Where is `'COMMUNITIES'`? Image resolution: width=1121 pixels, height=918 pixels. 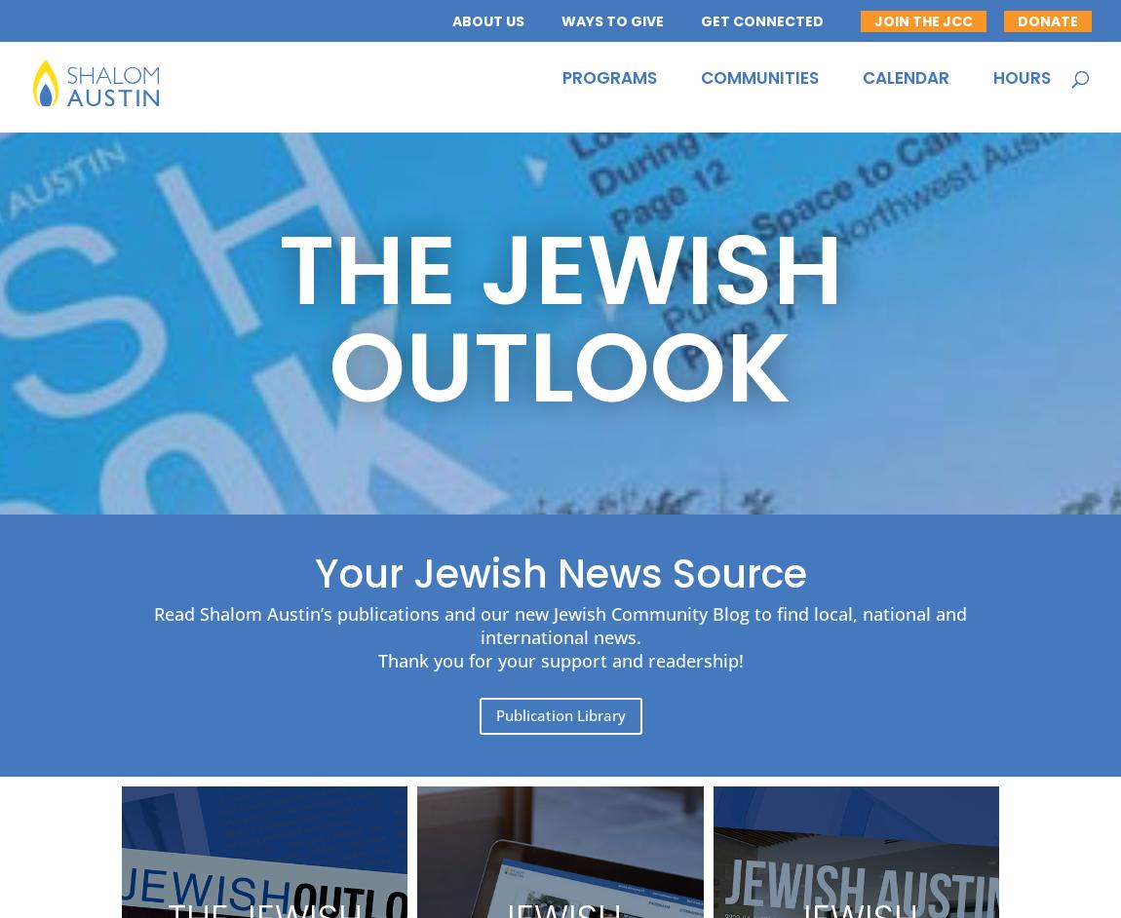 'COMMUNITIES' is located at coordinates (699, 86).